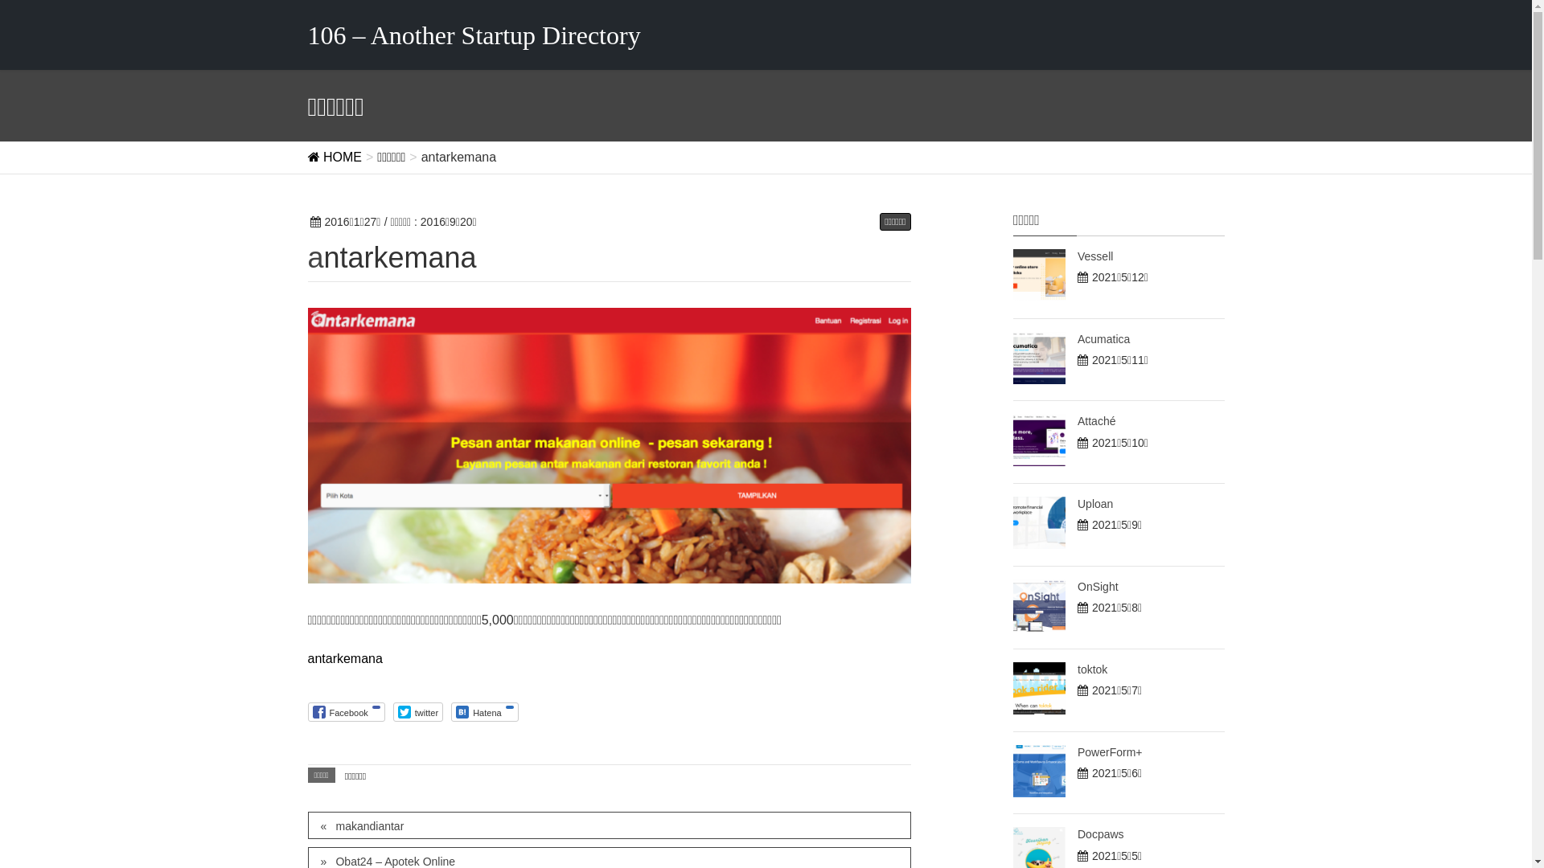 The height and width of the screenshot is (868, 1544). Describe the element at coordinates (345, 711) in the screenshot. I see `'Facebook'` at that location.